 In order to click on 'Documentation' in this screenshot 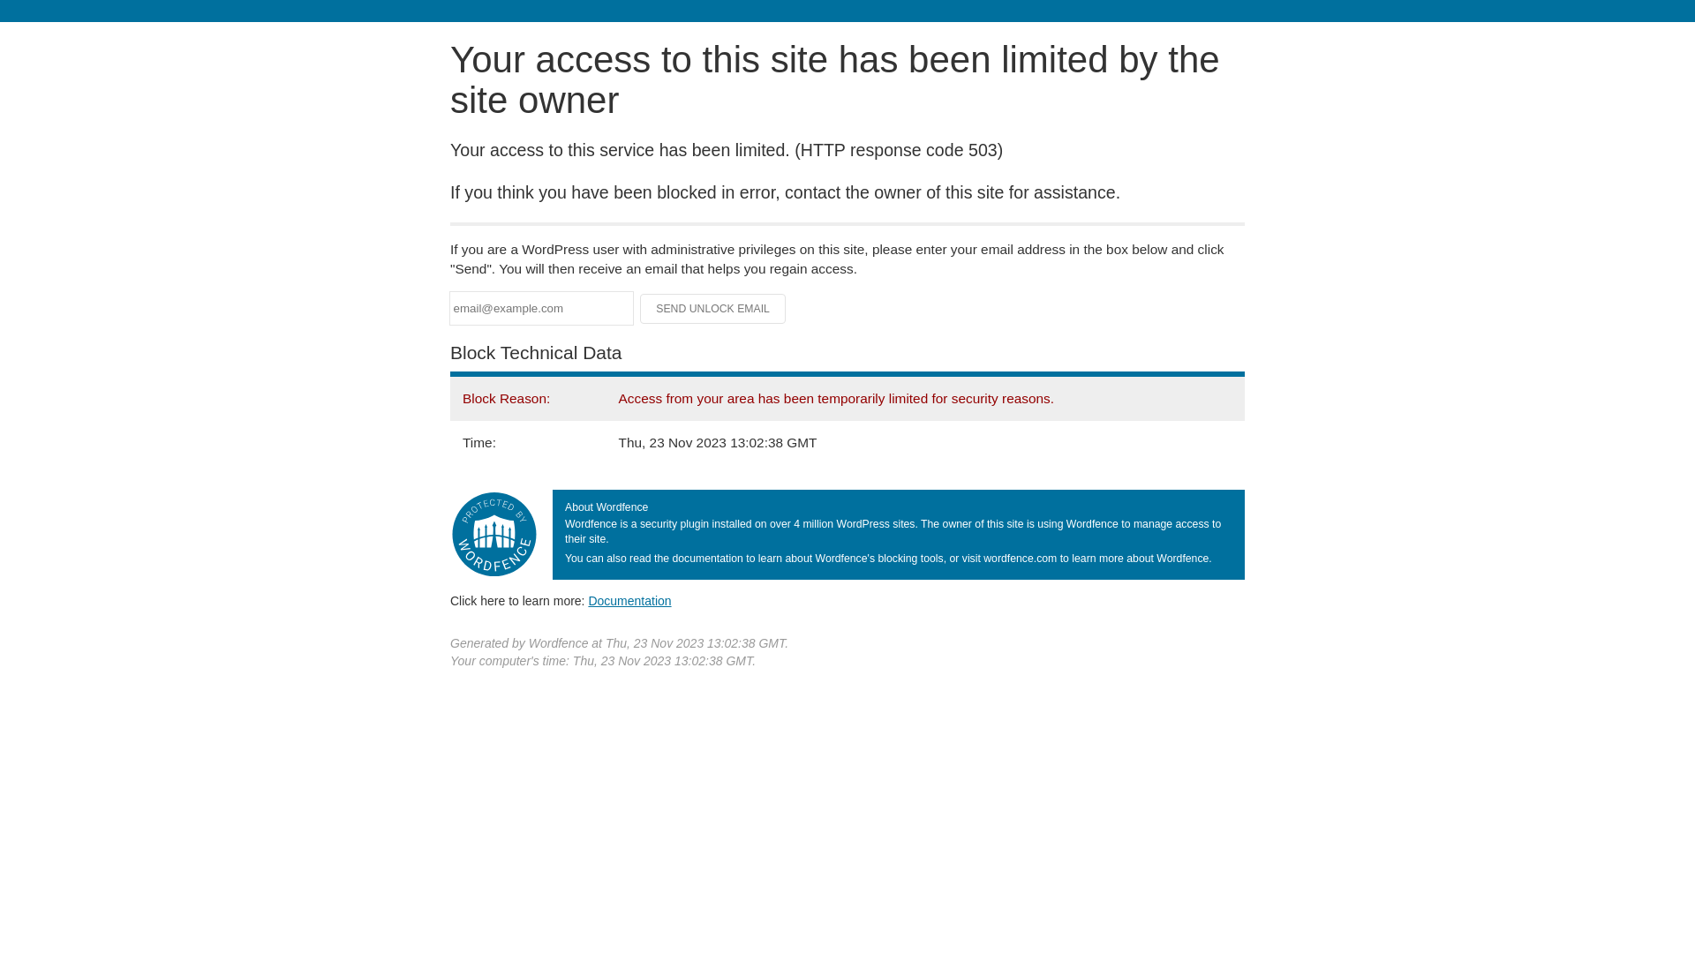, I will do `click(629, 600)`.